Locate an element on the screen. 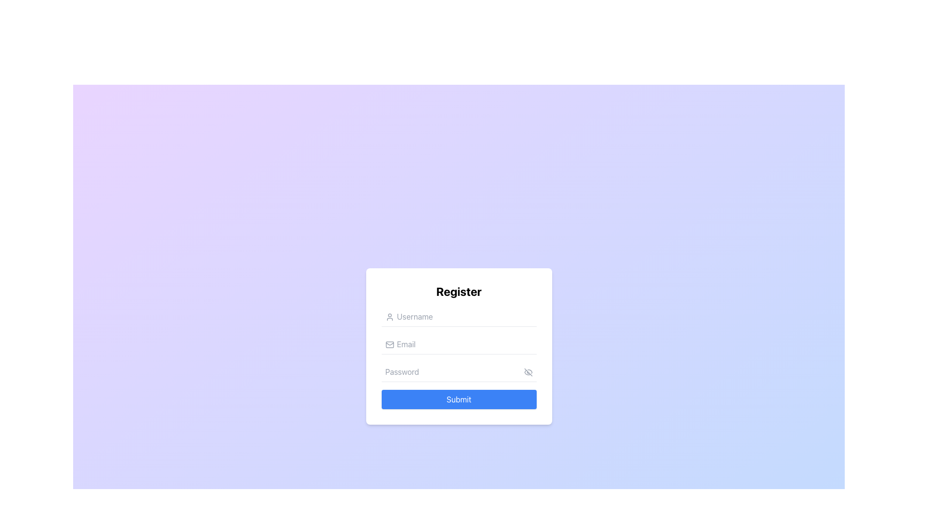 This screenshot has width=930, height=523. the password visibility toggle icon, which is an eye with a slash through it, located at the far right of the password input field in the registration form is located at coordinates (527, 371).